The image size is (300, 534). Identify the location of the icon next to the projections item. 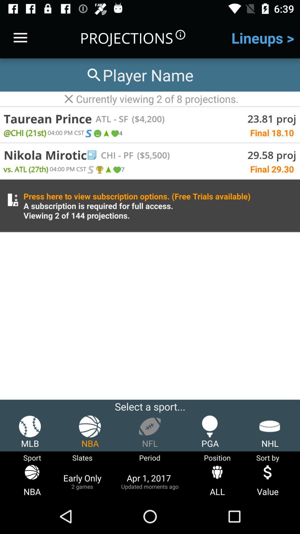
(20, 38).